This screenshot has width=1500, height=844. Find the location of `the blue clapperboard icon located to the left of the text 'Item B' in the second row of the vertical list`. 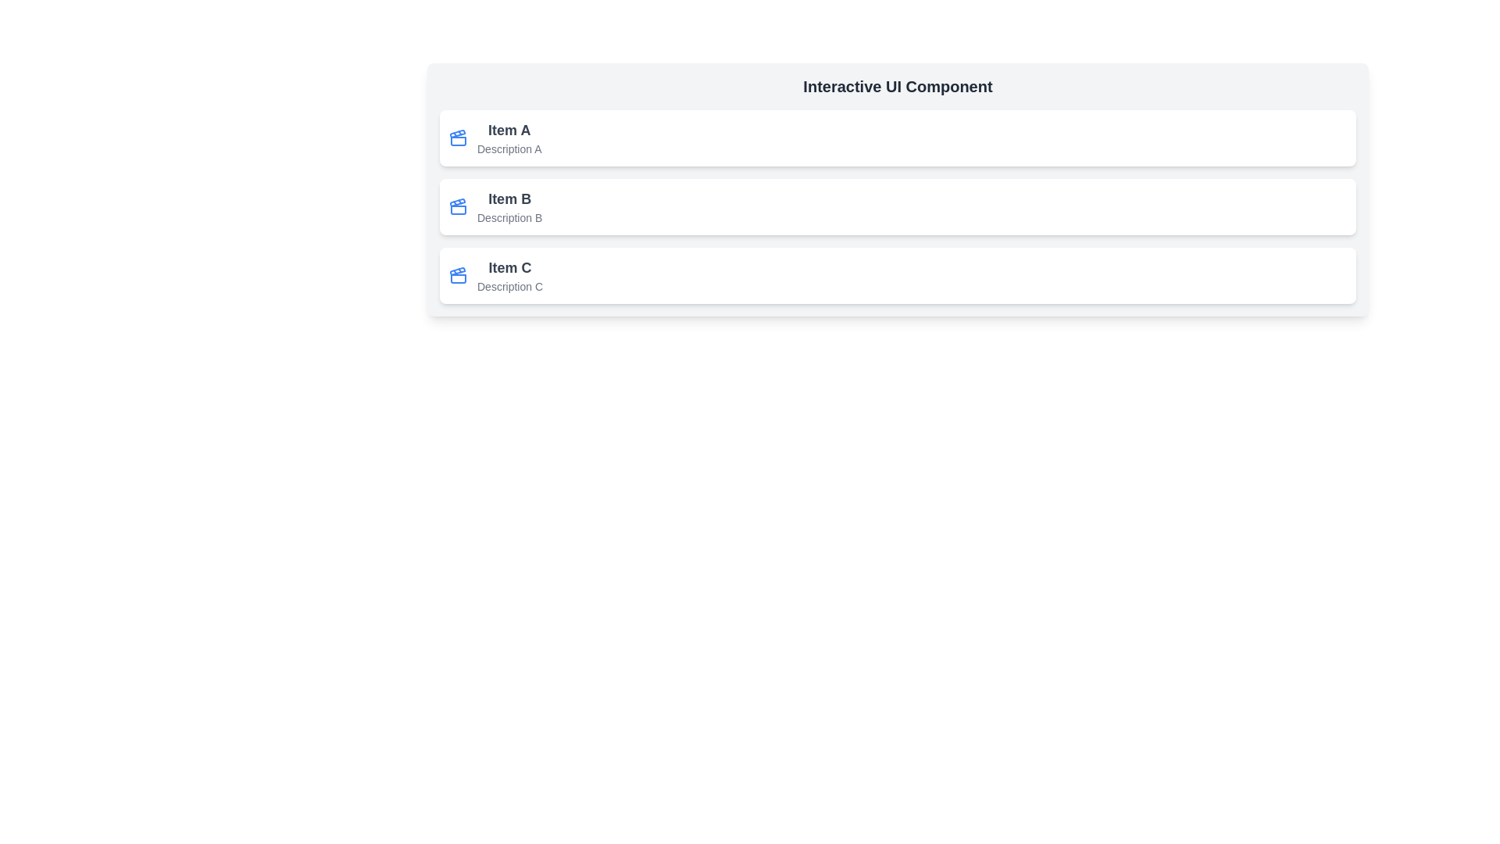

the blue clapperboard icon located to the left of the text 'Item B' in the second row of the vertical list is located at coordinates (457, 206).